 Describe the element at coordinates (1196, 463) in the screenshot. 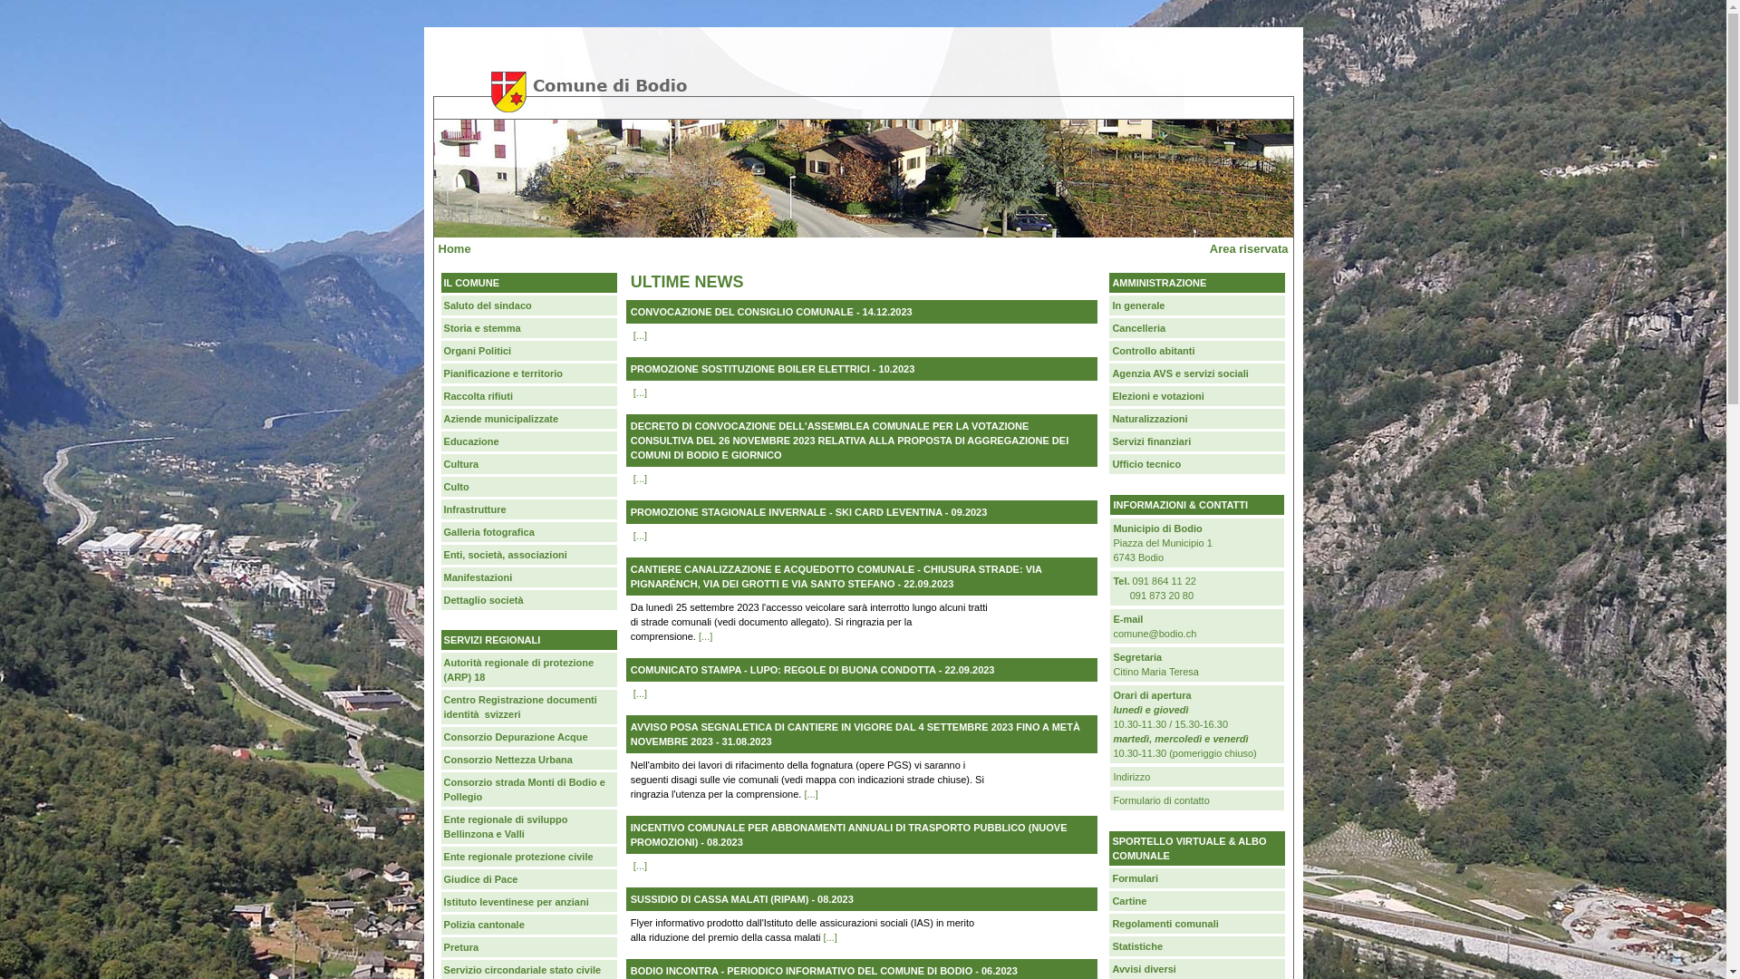

I see `'Ufficio tecnico'` at that location.